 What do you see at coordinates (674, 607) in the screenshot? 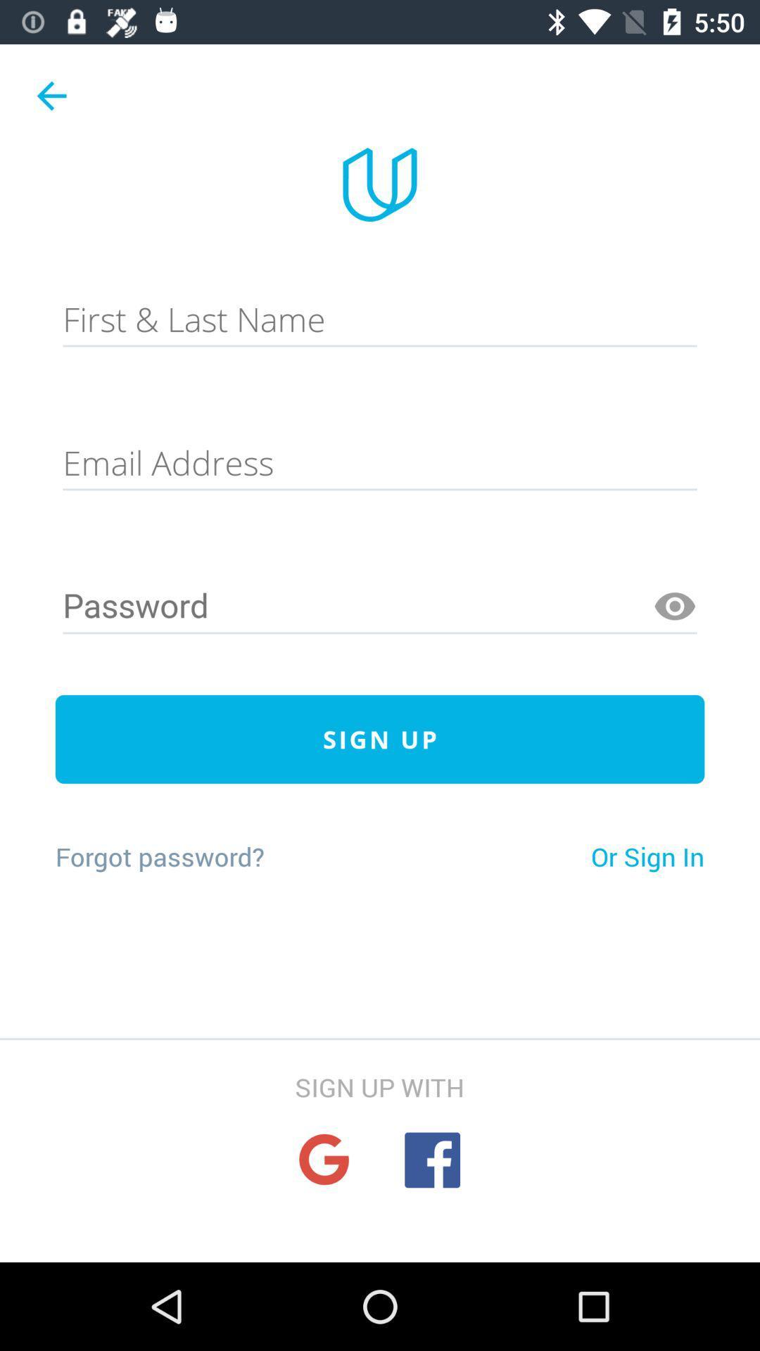
I see `veiw password` at bounding box center [674, 607].